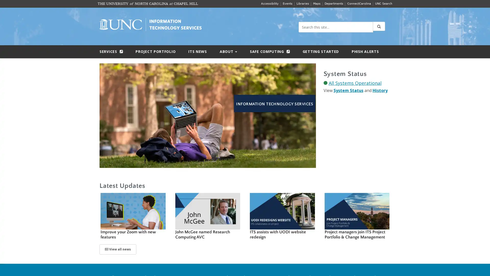  Describe the element at coordinates (379, 26) in the screenshot. I see `Submit Search` at that location.